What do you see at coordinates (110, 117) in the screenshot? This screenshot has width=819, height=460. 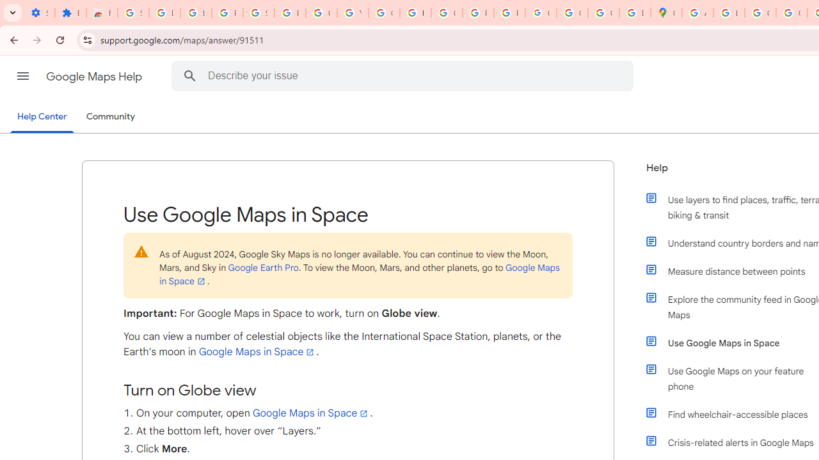 I see `'Community'` at bounding box center [110, 117].